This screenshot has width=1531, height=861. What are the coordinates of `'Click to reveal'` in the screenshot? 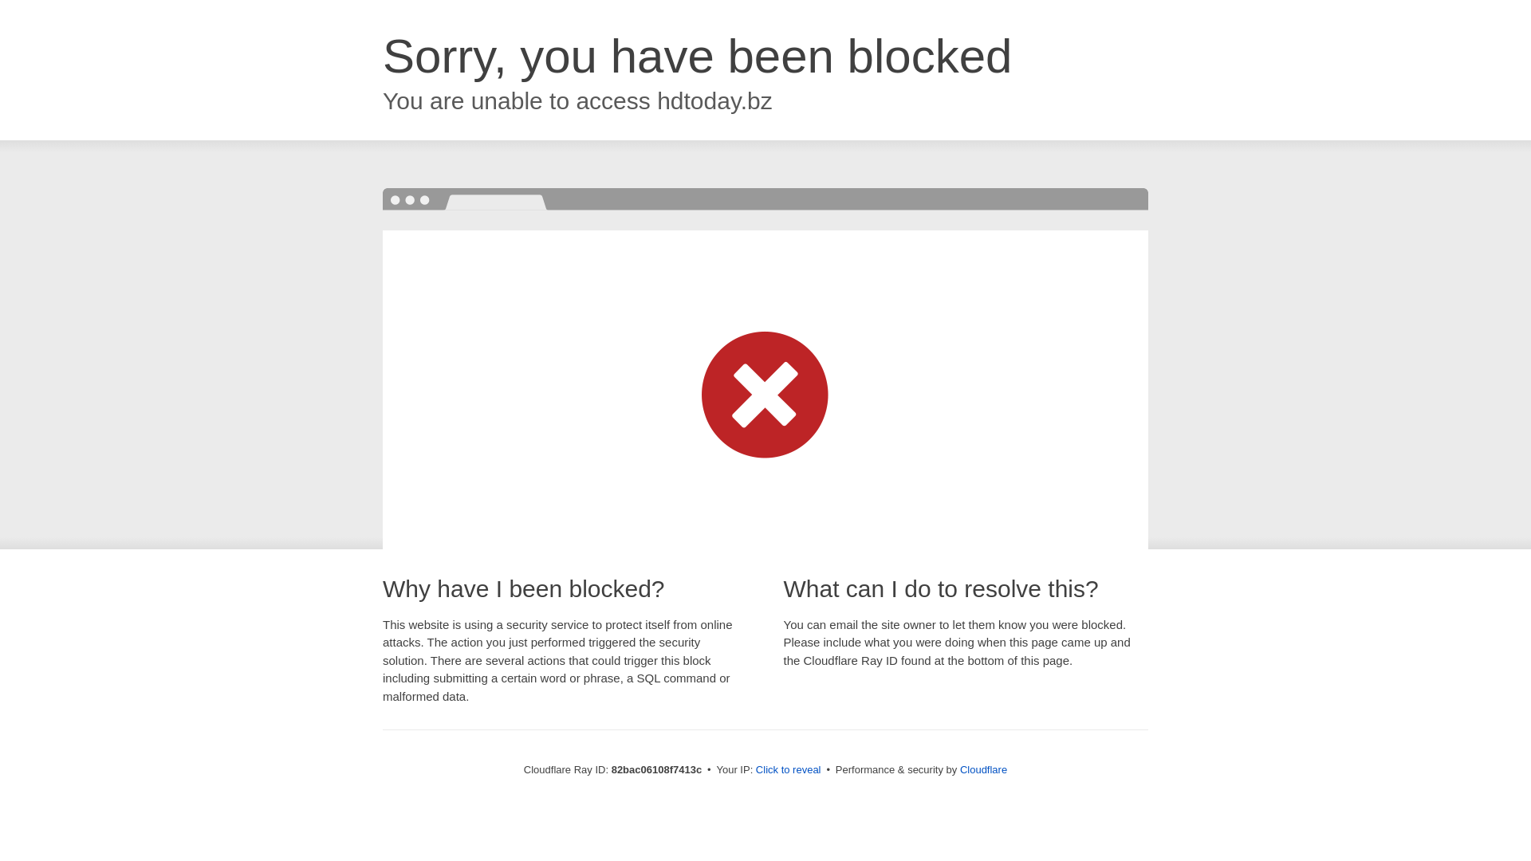 It's located at (755, 769).